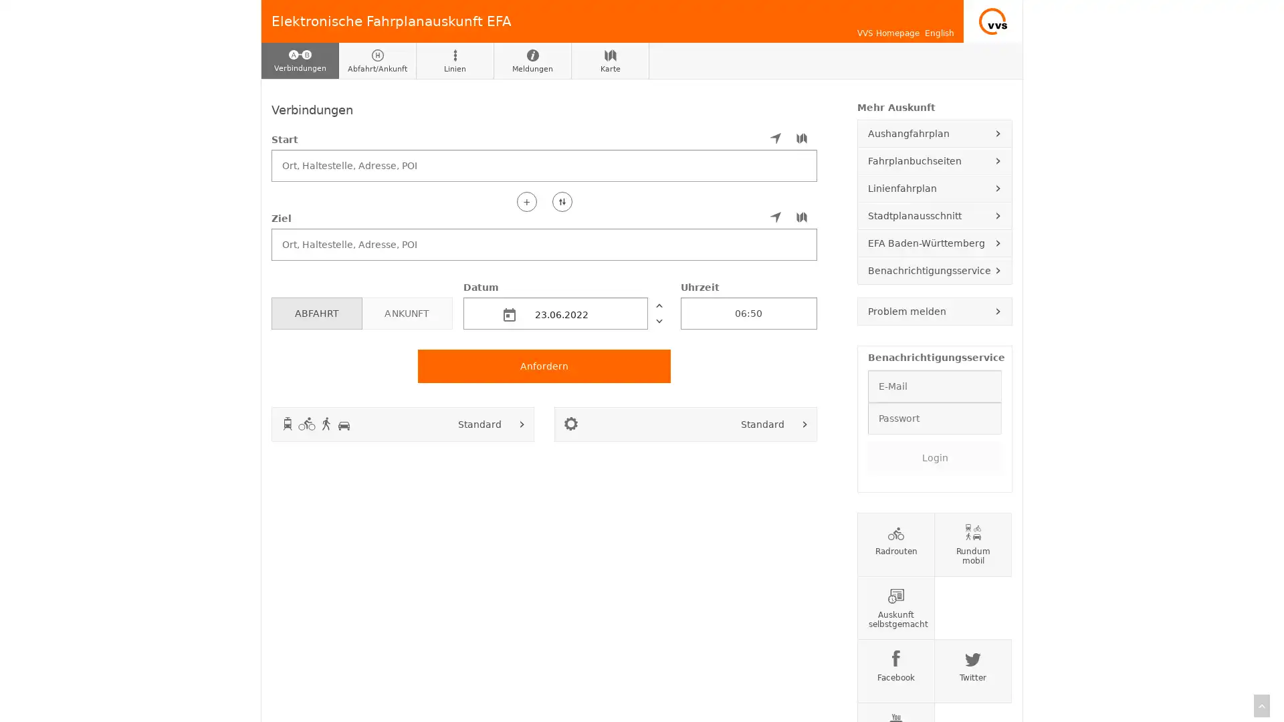 The height and width of the screenshot is (722, 1284). Describe the element at coordinates (805, 423) in the screenshot. I see `Fahroptionen` at that location.